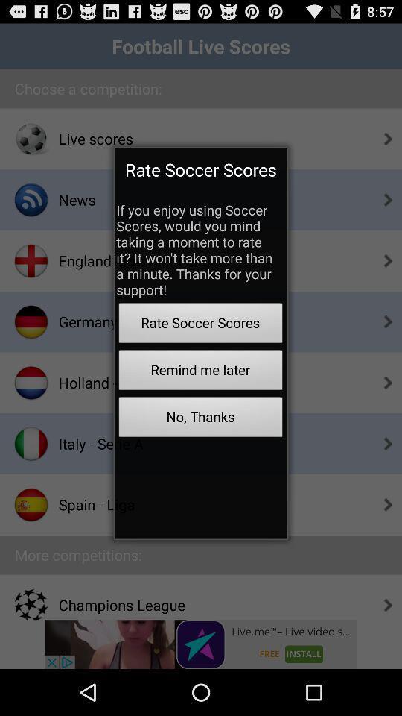  What do you see at coordinates (200, 371) in the screenshot?
I see `icon above the no, thanks item` at bounding box center [200, 371].